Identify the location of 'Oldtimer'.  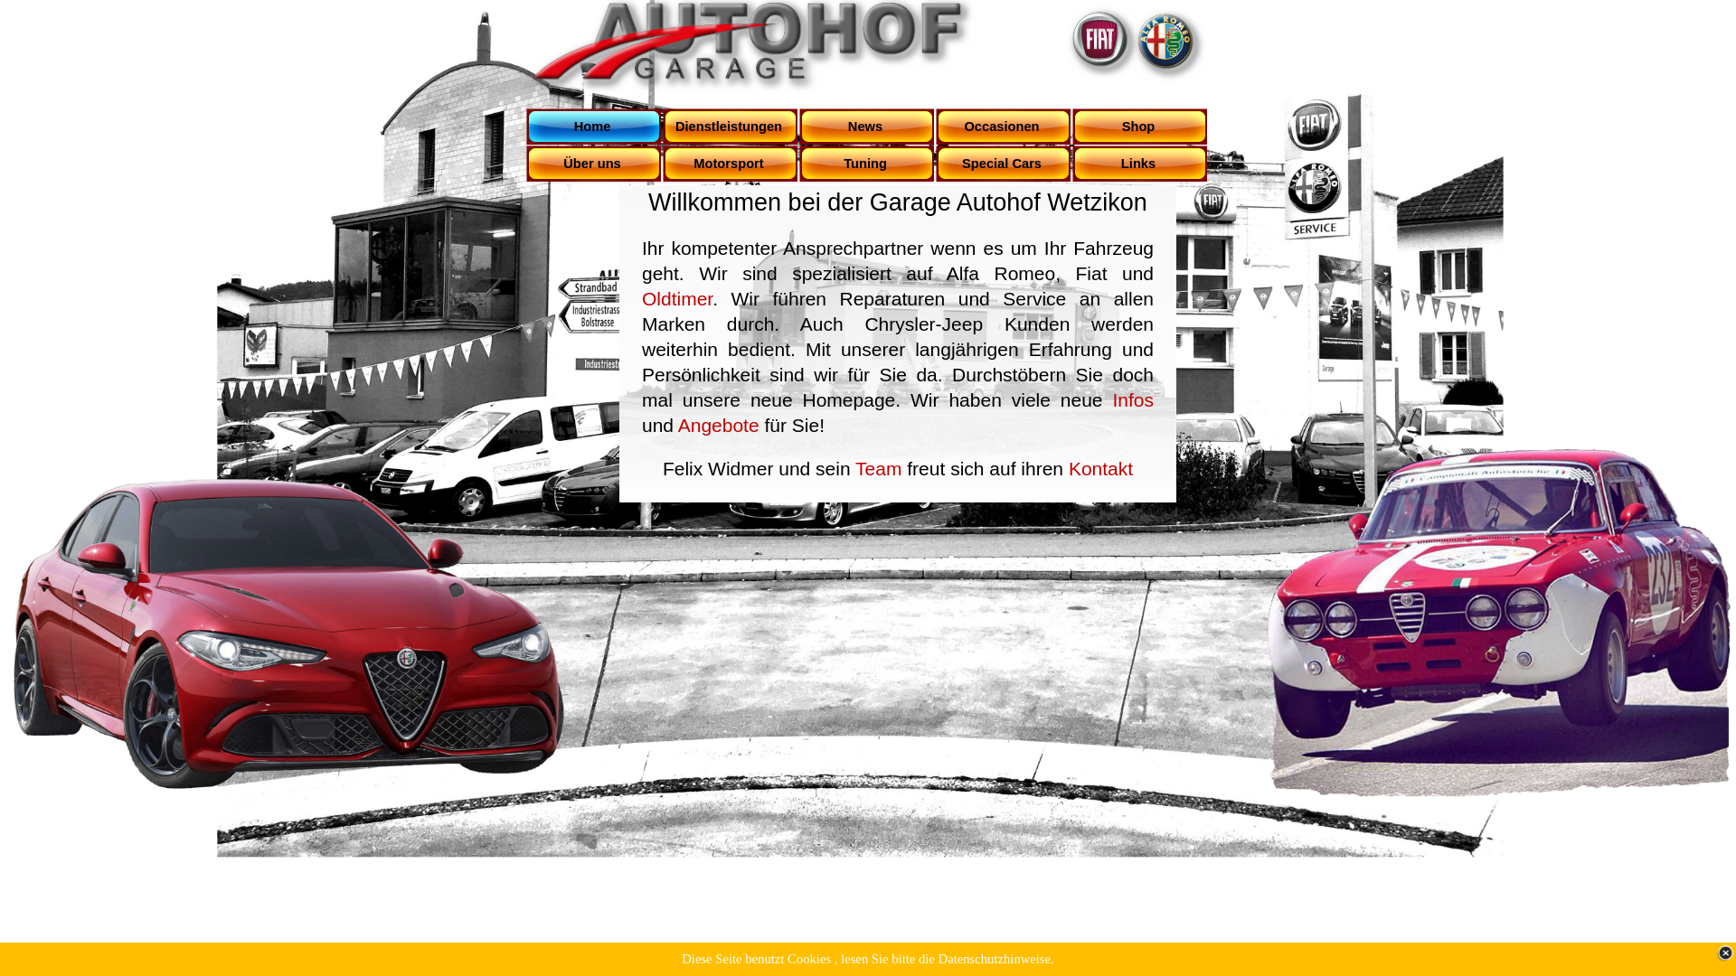
(675, 297).